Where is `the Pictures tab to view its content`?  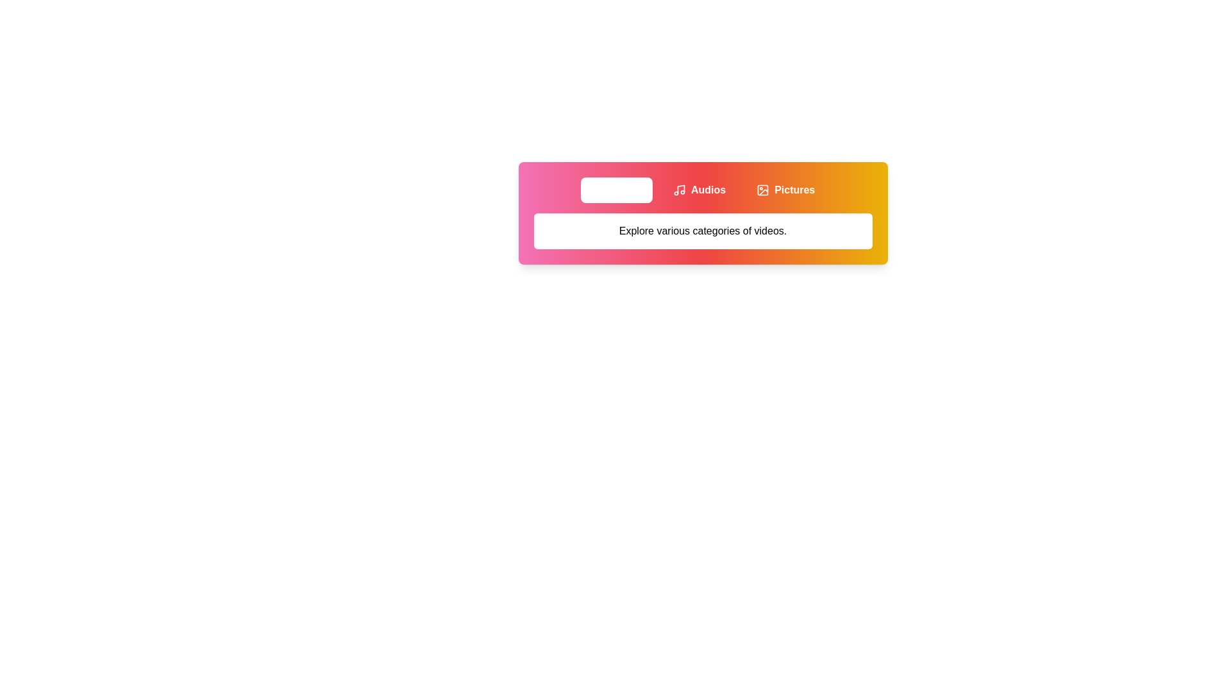 the Pictures tab to view its content is located at coordinates (785, 190).